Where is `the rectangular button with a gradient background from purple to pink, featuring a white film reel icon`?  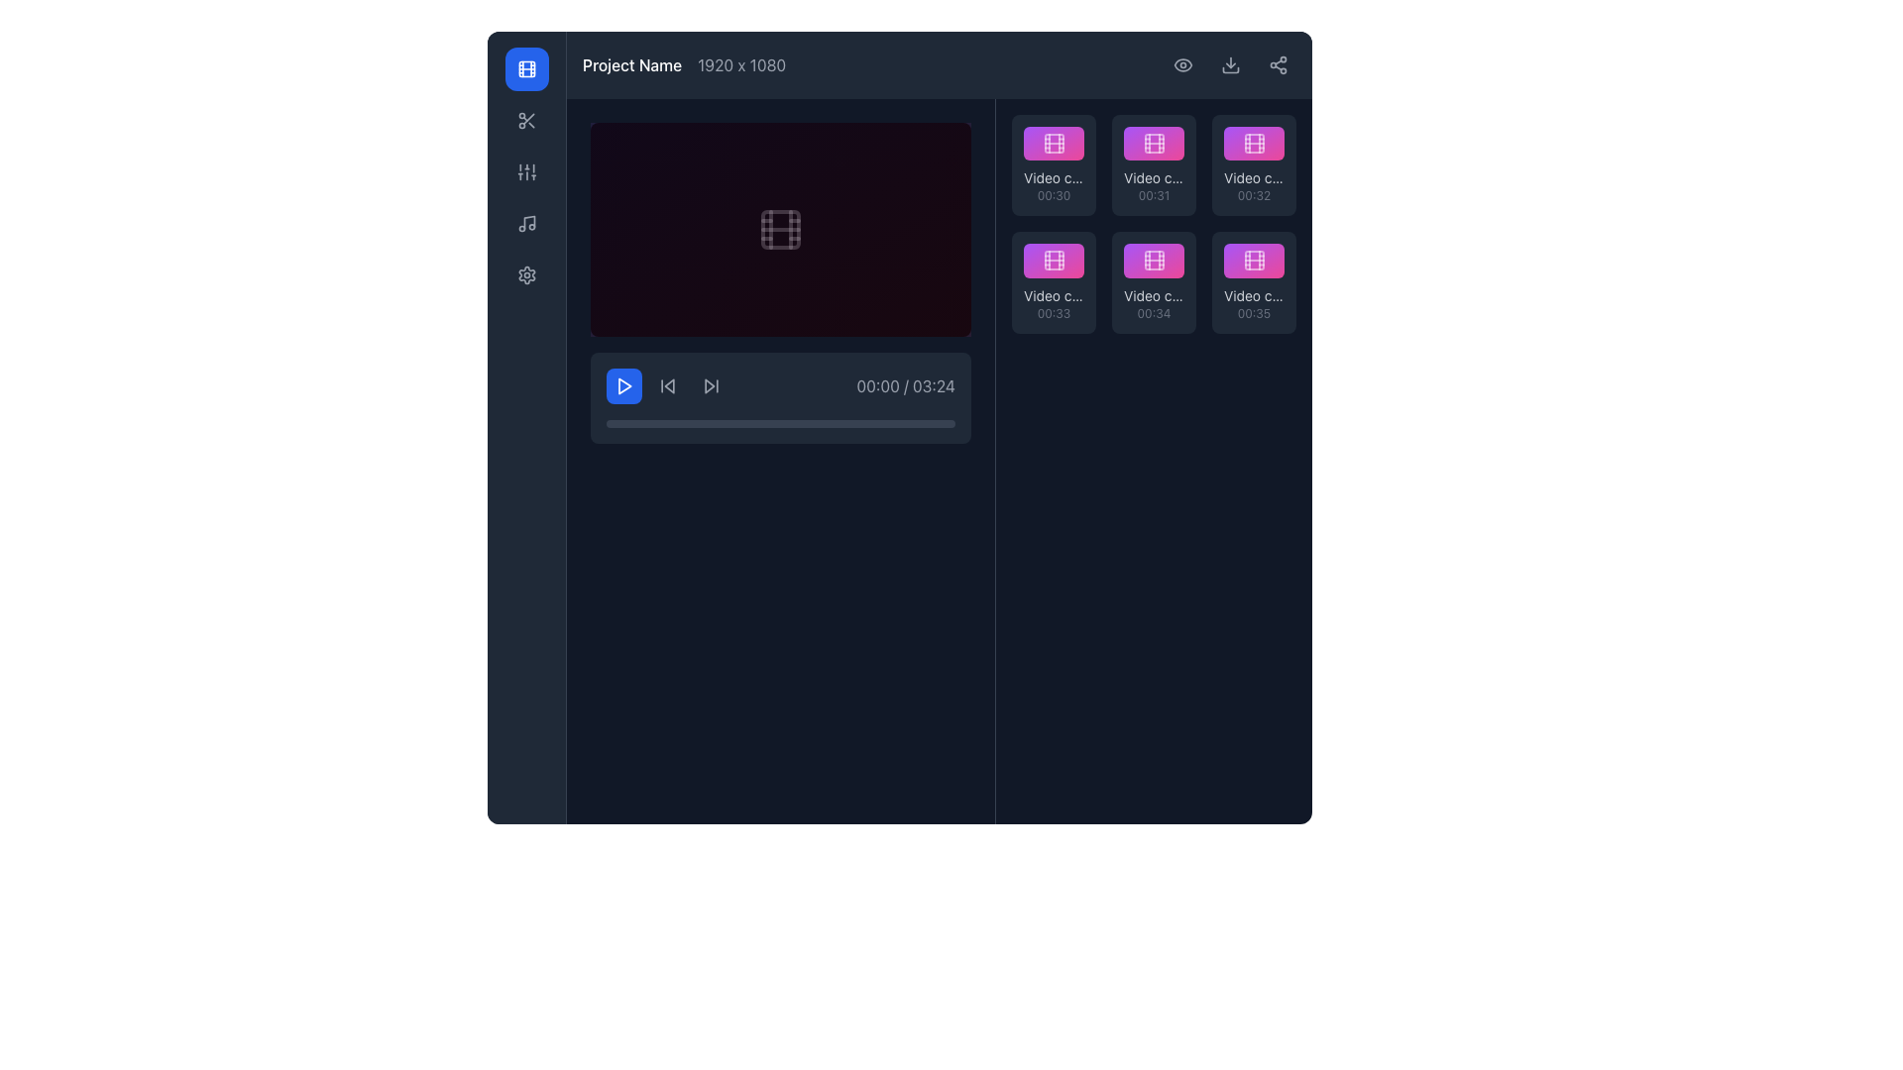
the rectangular button with a gradient background from purple to pink, featuring a white film reel icon is located at coordinates (1154, 260).